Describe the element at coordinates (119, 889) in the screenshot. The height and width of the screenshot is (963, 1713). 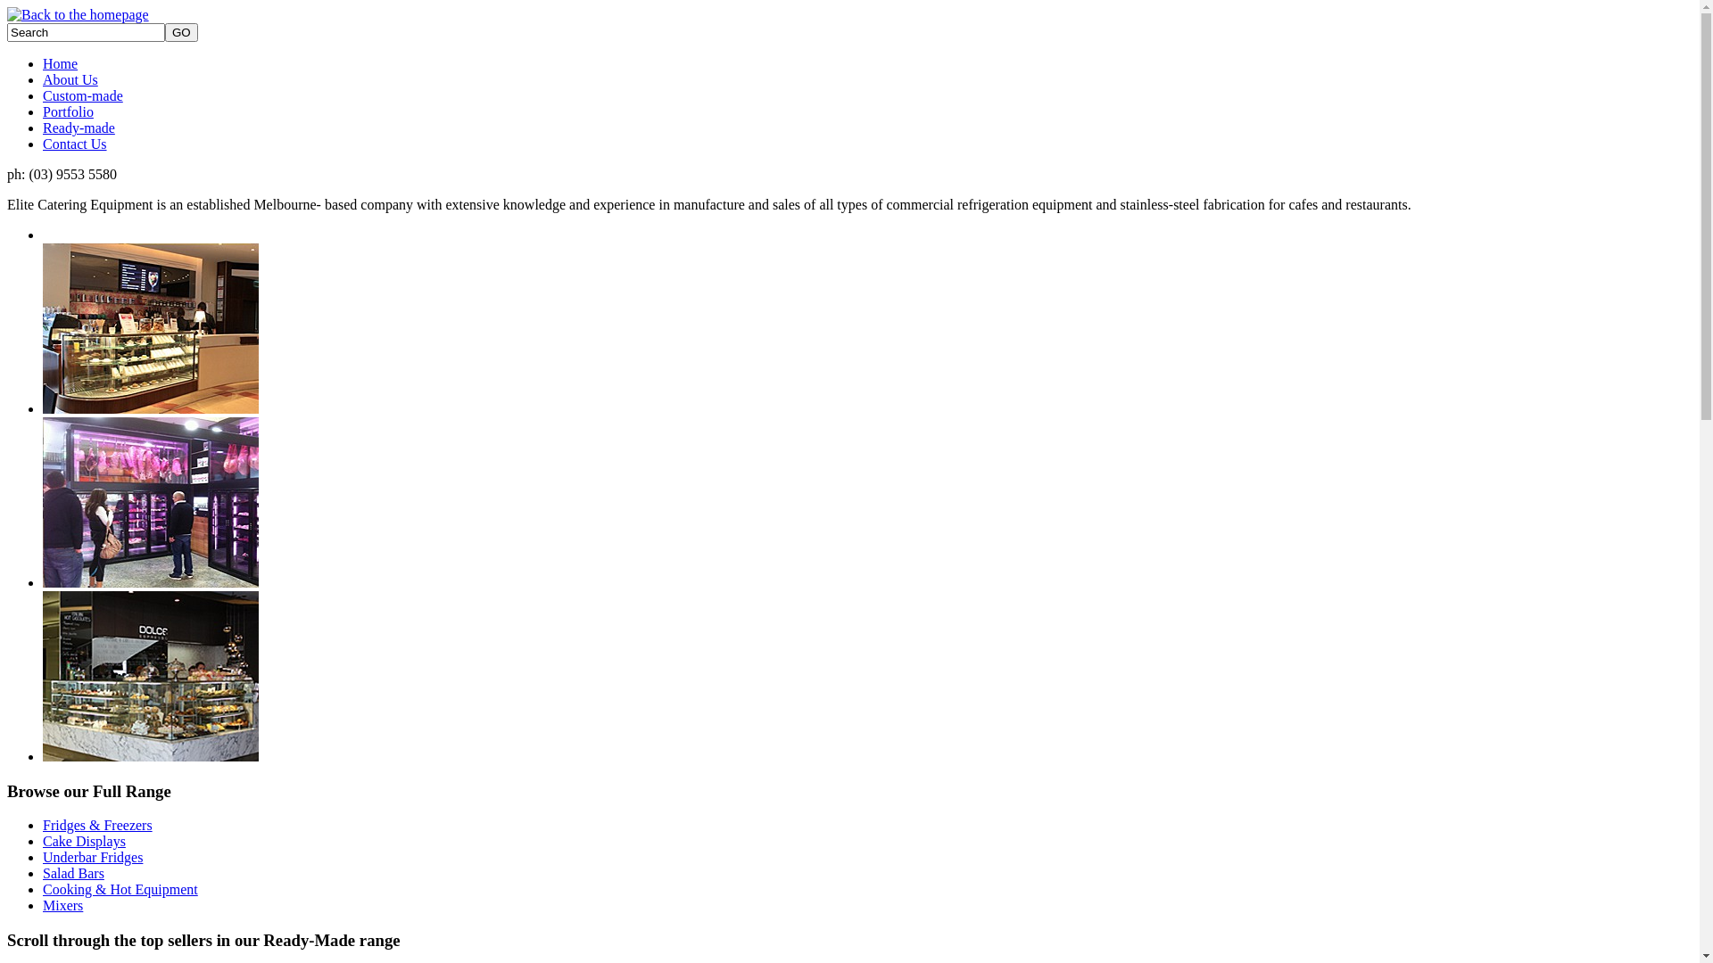
I see `'Cooking & Hot Equipment'` at that location.